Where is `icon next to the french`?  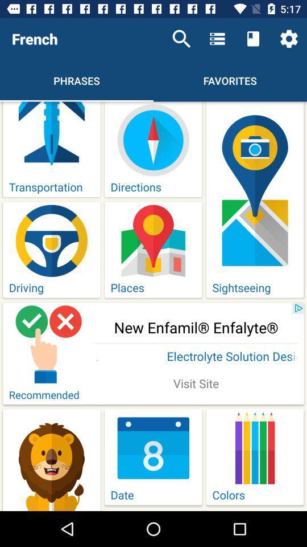
icon next to the french is located at coordinates (181, 39).